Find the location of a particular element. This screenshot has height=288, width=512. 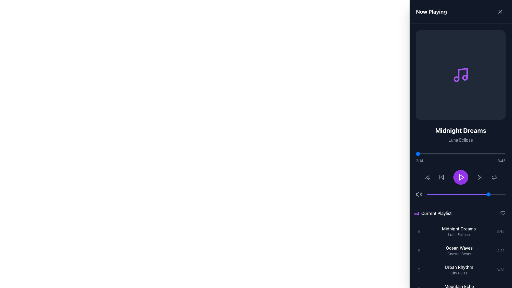

the first track item in the playlist titled 'Midnight Dreams' is located at coordinates (461, 231).